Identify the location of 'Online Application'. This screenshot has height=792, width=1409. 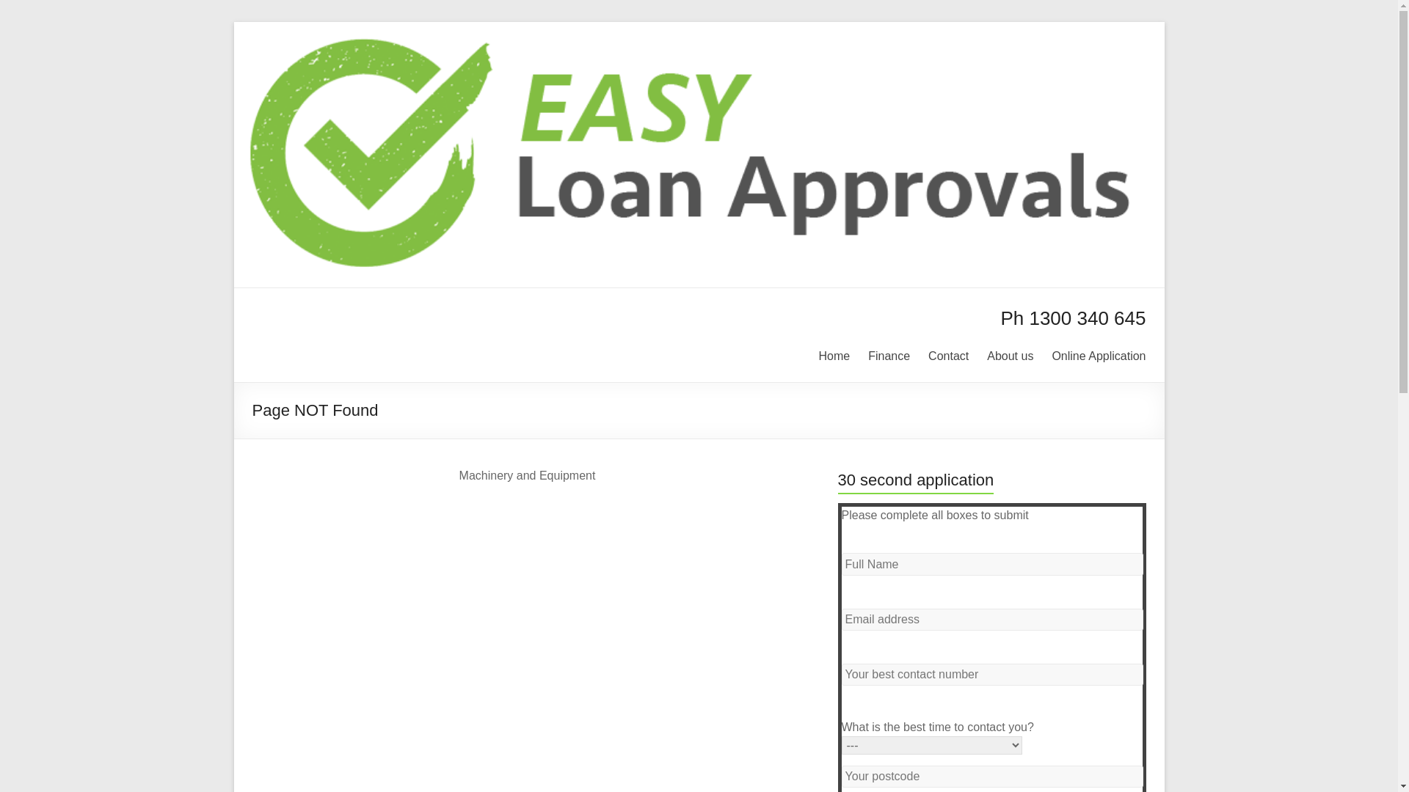
(1051, 353).